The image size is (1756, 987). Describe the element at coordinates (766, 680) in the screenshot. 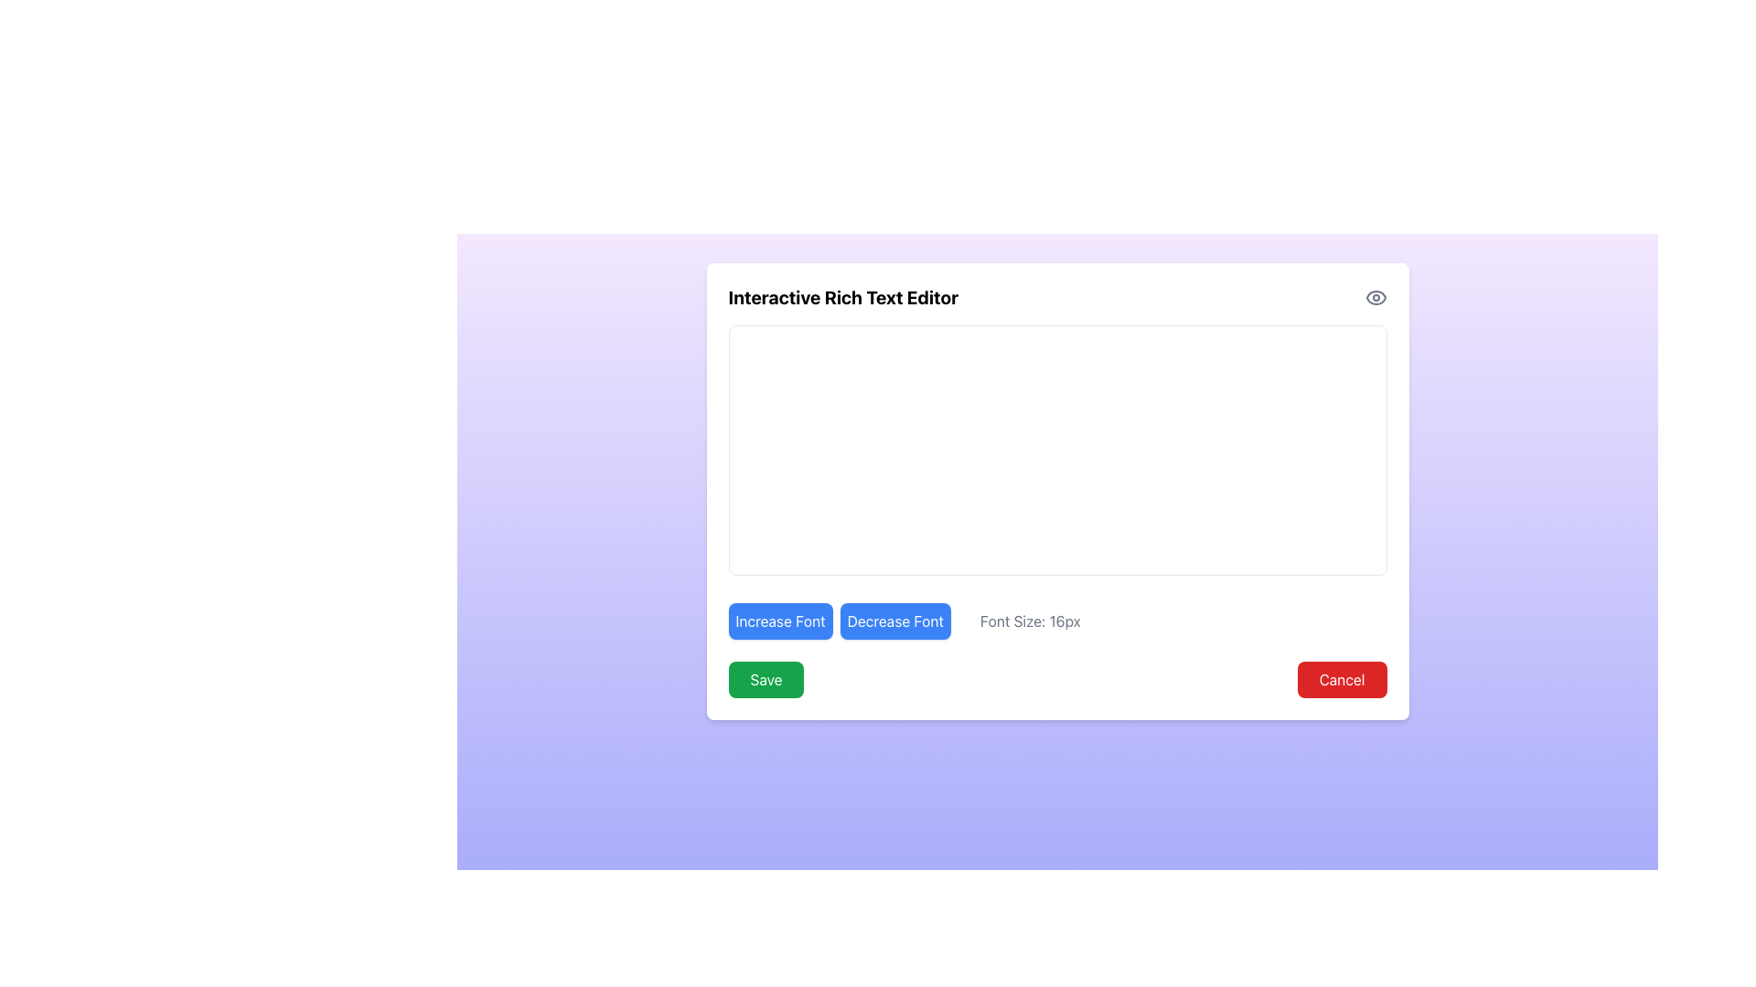

I see `the 'Save' button, which is the leftmost button with a green background and white text` at that location.